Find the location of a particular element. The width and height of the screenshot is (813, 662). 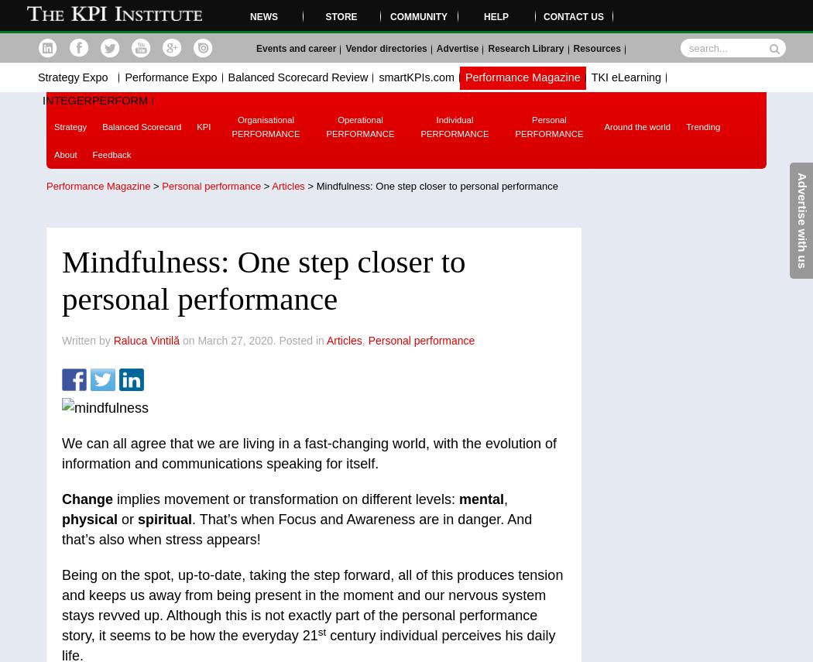

'Balanced Scorecard Review' is located at coordinates (297, 77).